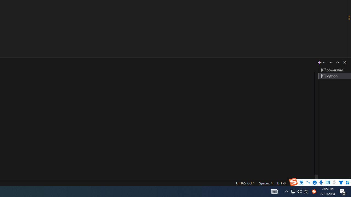 Image resolution: width=351 pixels, height=197 pixels. Describe the element at coordinates (334, 69) in the screenshot. I see `'Terminal 1 powershell'` at that location.